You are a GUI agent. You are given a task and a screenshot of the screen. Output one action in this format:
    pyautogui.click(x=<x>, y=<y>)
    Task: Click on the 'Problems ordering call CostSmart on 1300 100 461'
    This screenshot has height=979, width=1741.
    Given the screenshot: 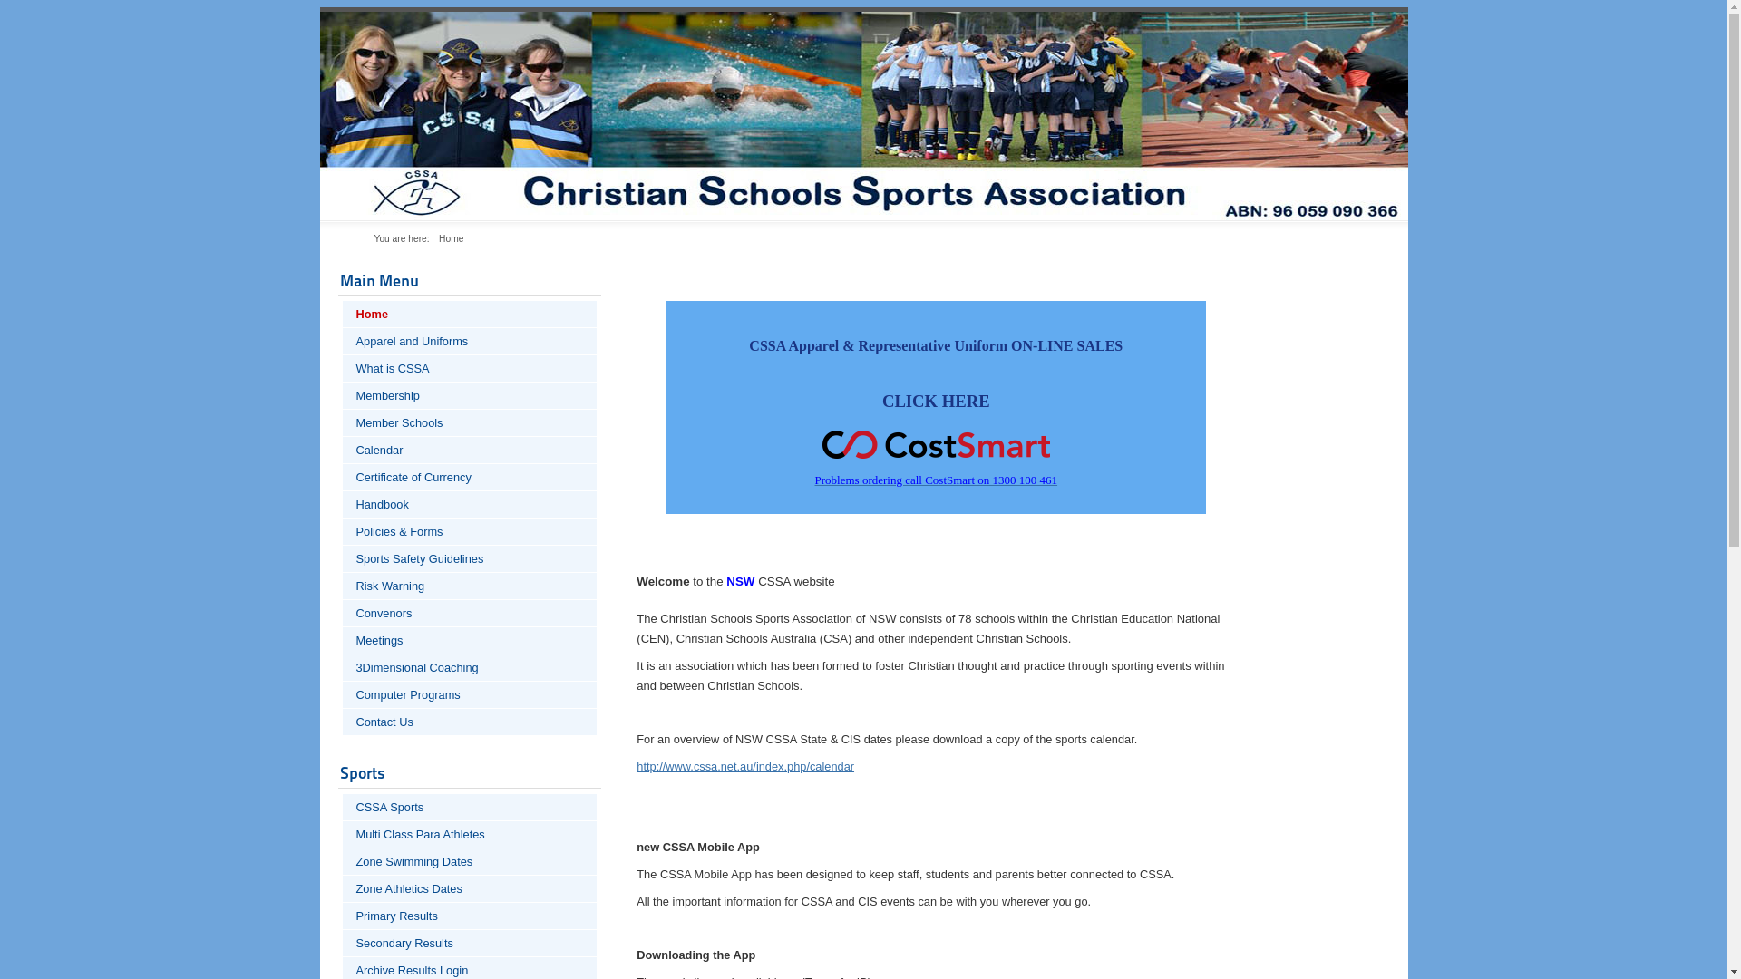 What is the action you would take?
    pyautogui.click(x=936, y=479)
    